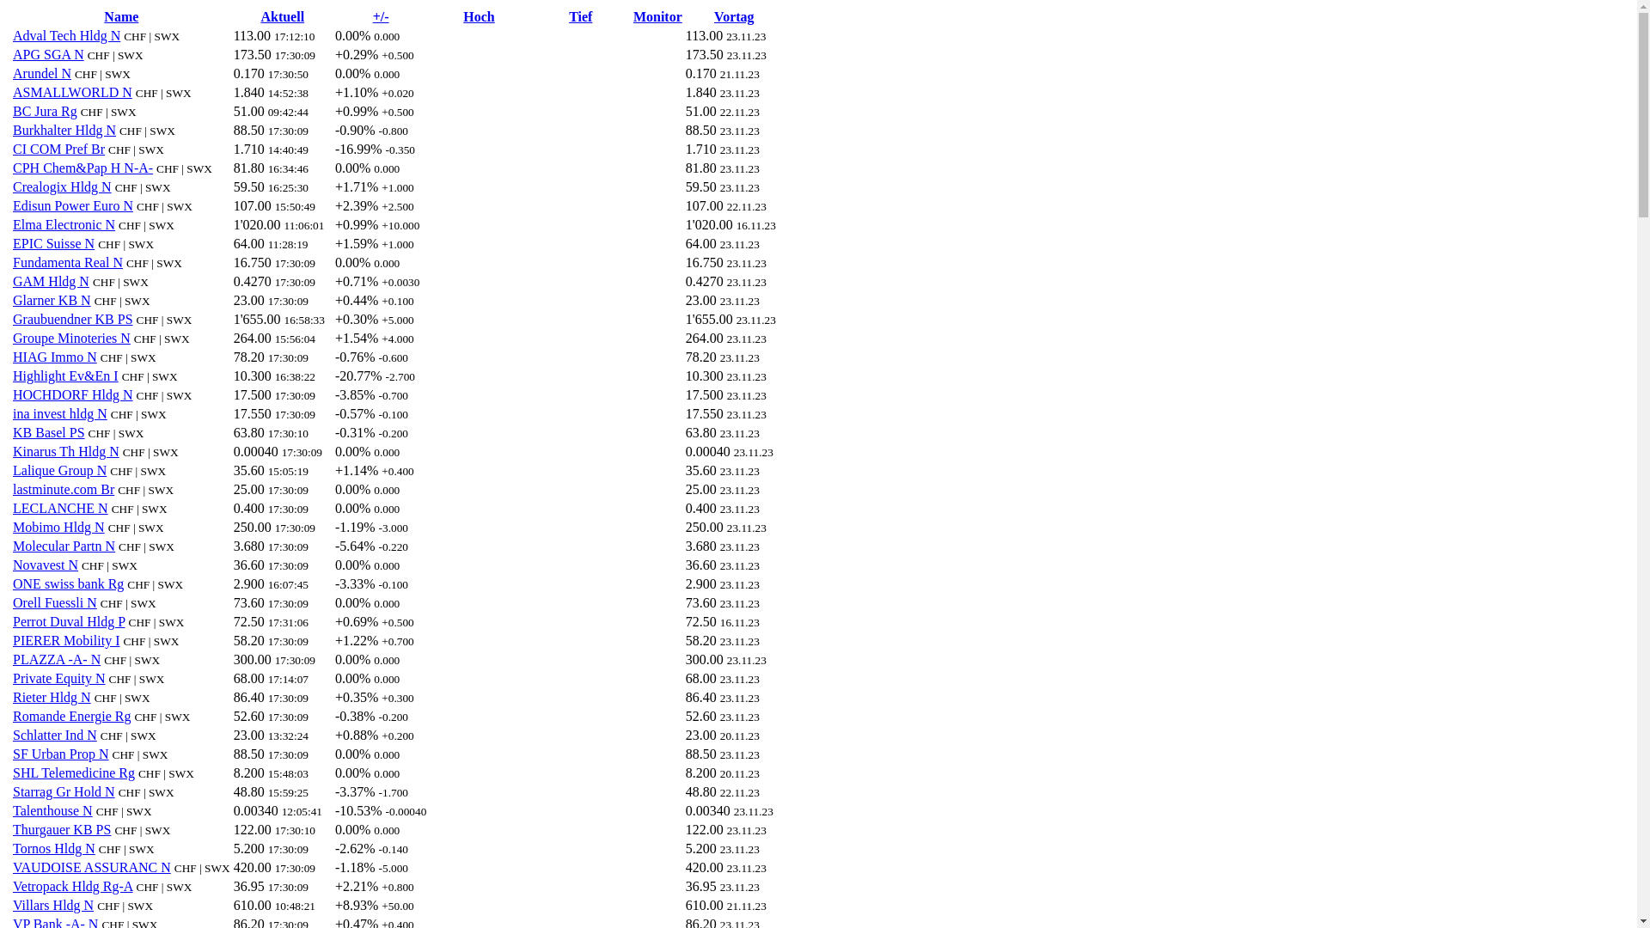 The height and width of the screenshot is (928, 1650). Describe the element at coordinates (64, 546) in the screenshot. I see `'Molecular Partn N'` at that location.